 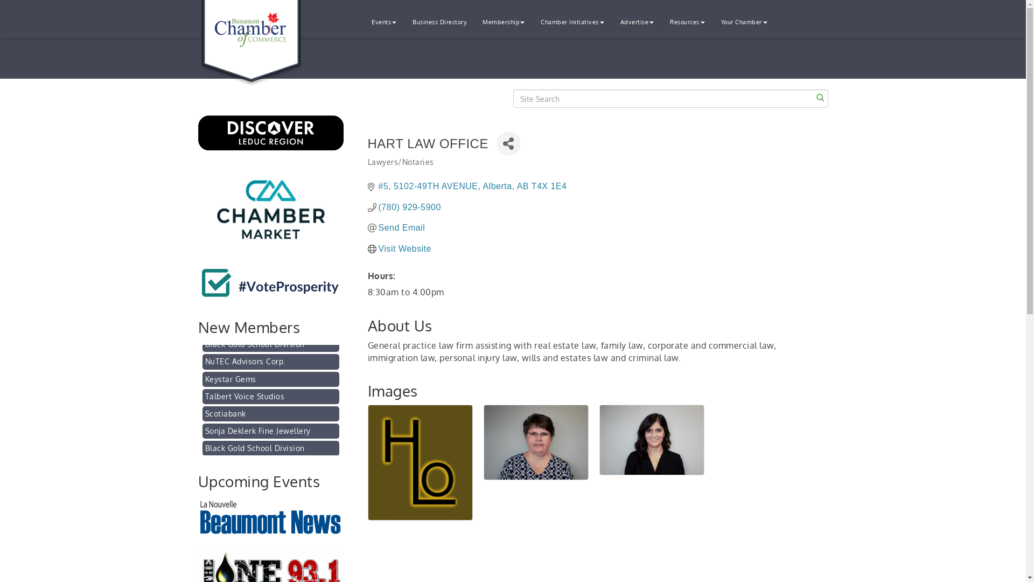 I want to click on 'Hart Law Office ', so click(x=420, y=462).